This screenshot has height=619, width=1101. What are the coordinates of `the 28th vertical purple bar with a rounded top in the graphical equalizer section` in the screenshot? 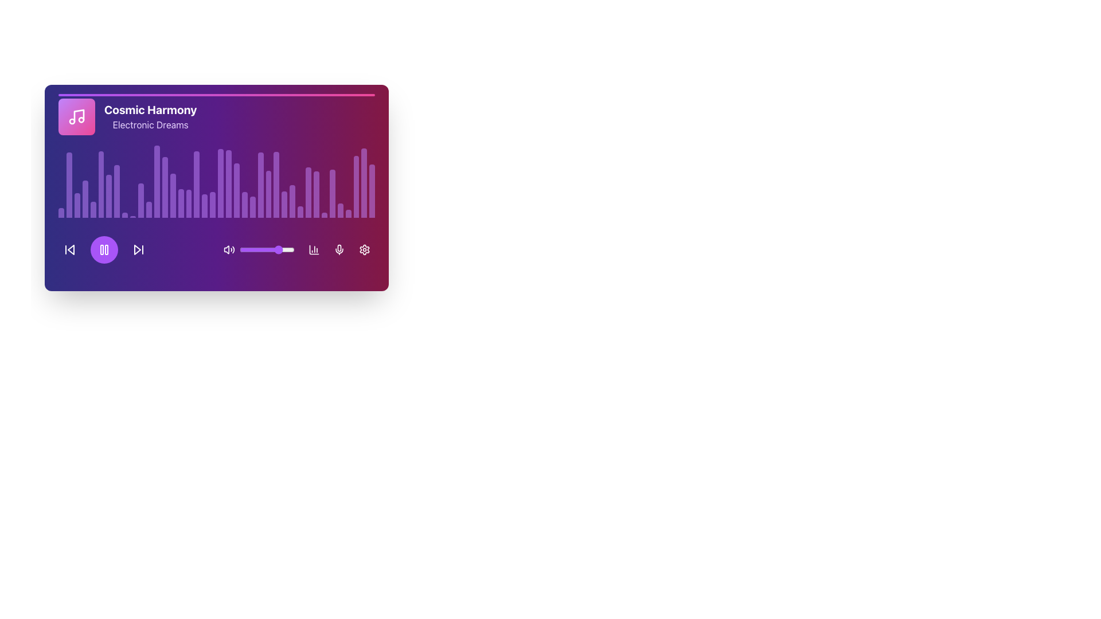 It's located at (300, 212).